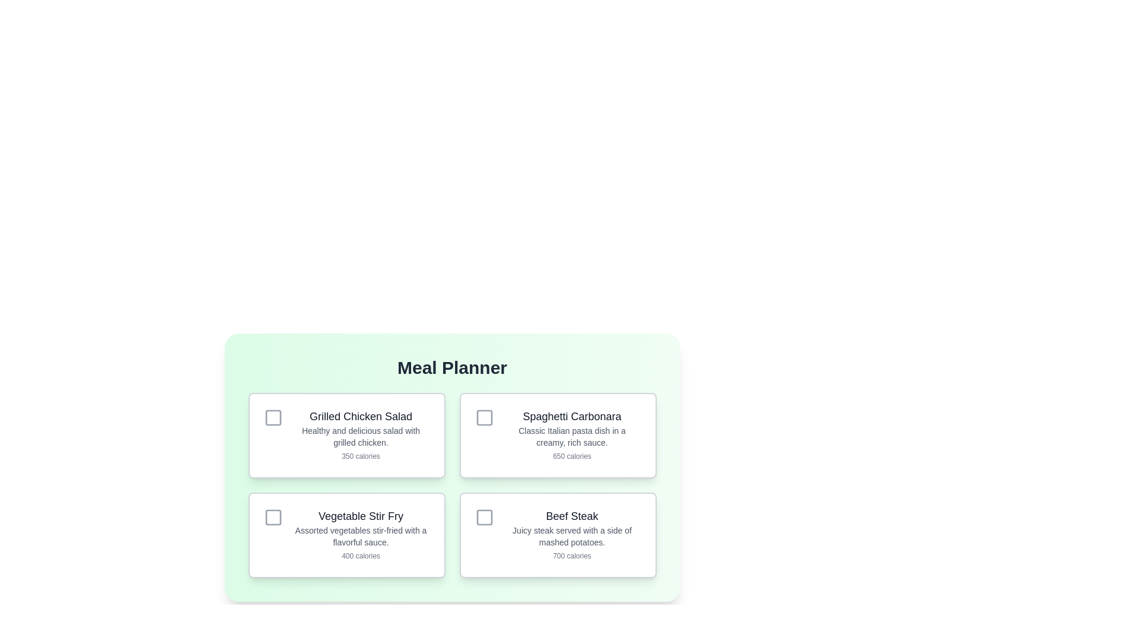  Describe the element at coordinates (572, 556) in the screenshot. I see `the text label displaying '700 calories' in gray color, located in the bottom-right of the 'Beef Steak' card` at that location.